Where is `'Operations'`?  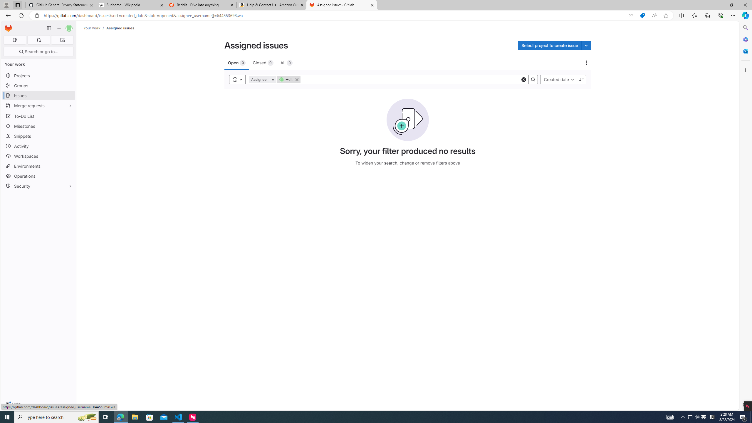
'Operations' is located at coordinates (38, 176).